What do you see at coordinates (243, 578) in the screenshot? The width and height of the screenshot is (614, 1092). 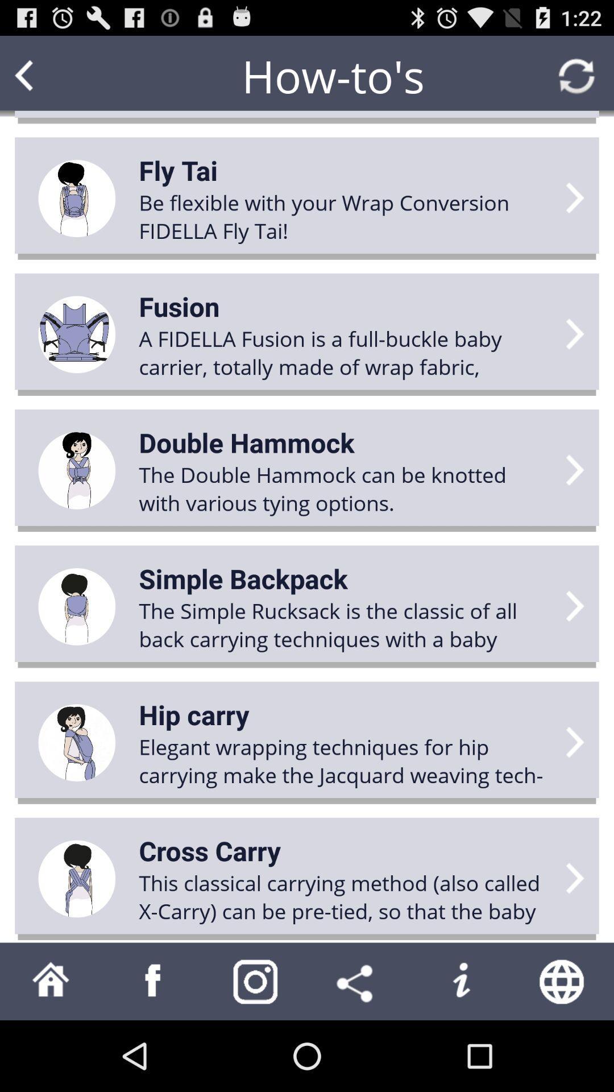 I see `simple backpack app` at bounding box center [243, 578].